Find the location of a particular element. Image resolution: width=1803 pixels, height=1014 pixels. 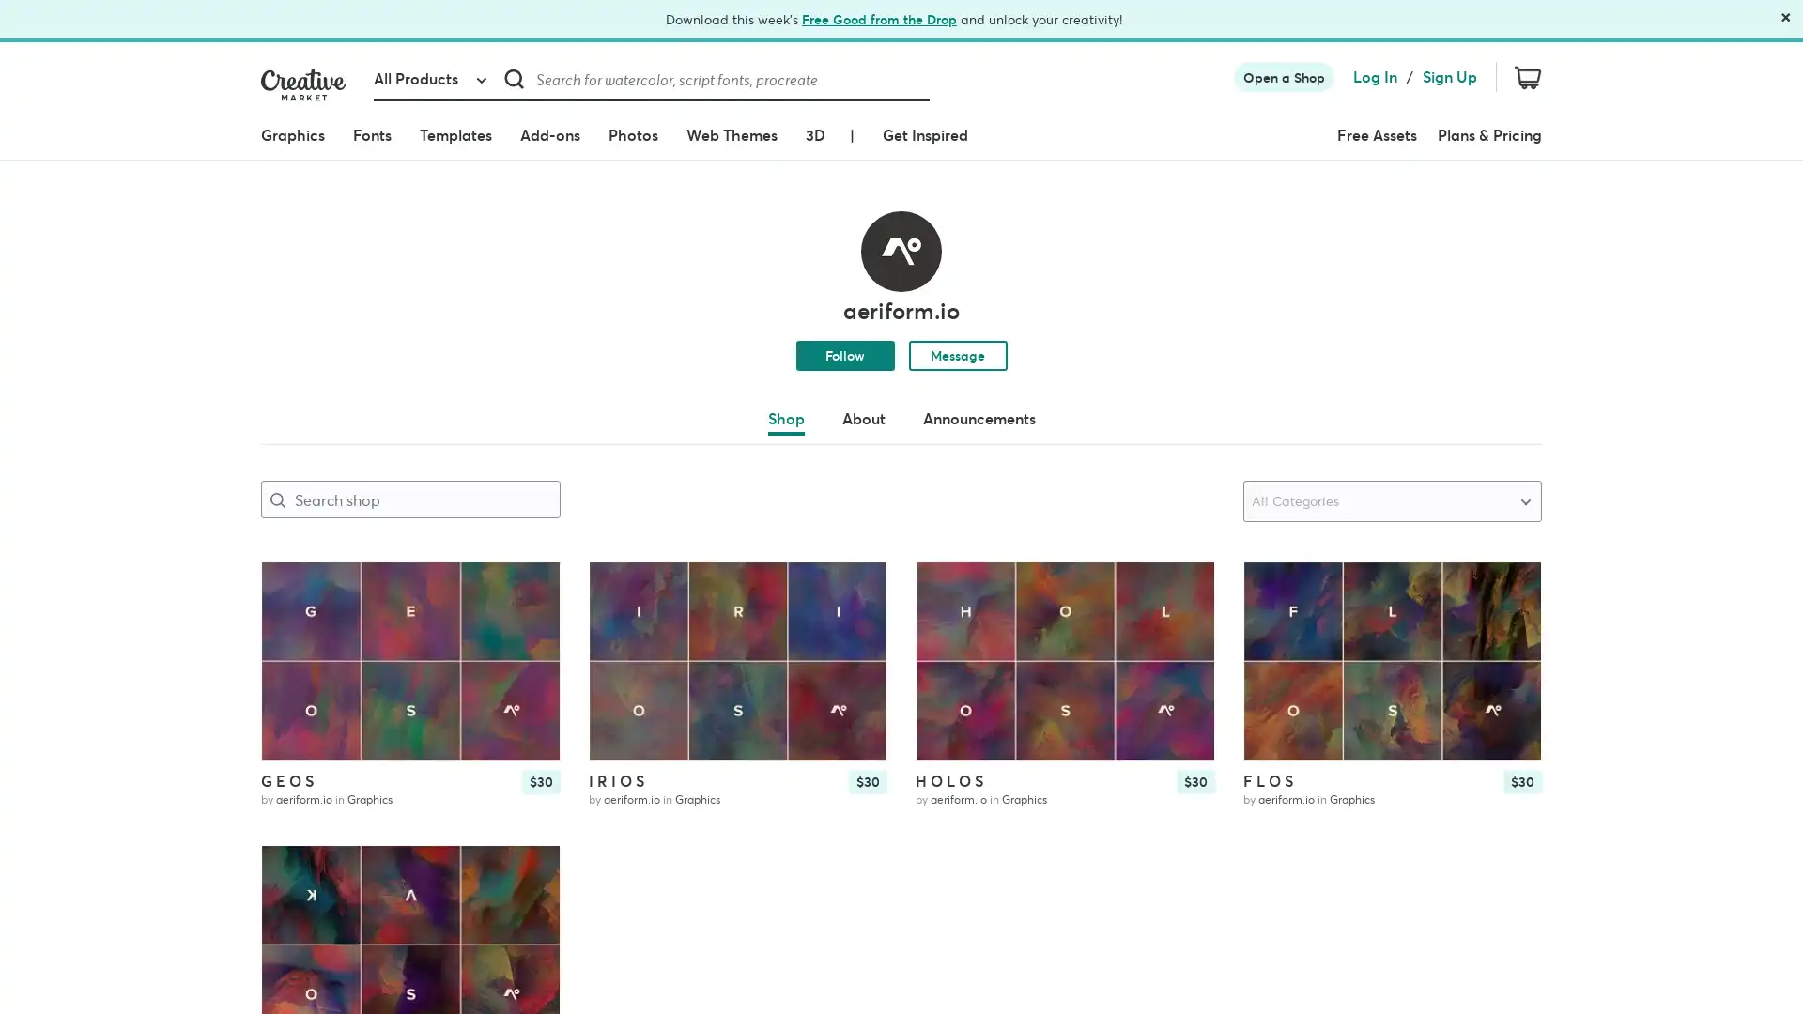

Save is located at coordinates (1511, 620).